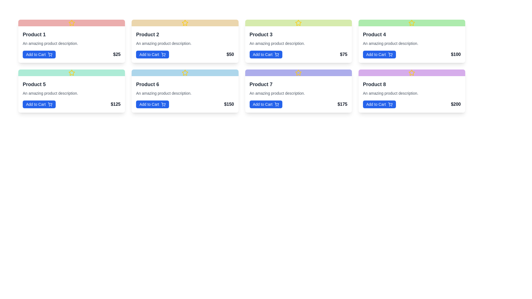 The image size is (532, 299). Describe the element at coordinates (298, 72) in the screenshot. I see `the yellow star icon located at the top center of the card layout for 'Product 7', which is surrounded by a light purple background` at that location.